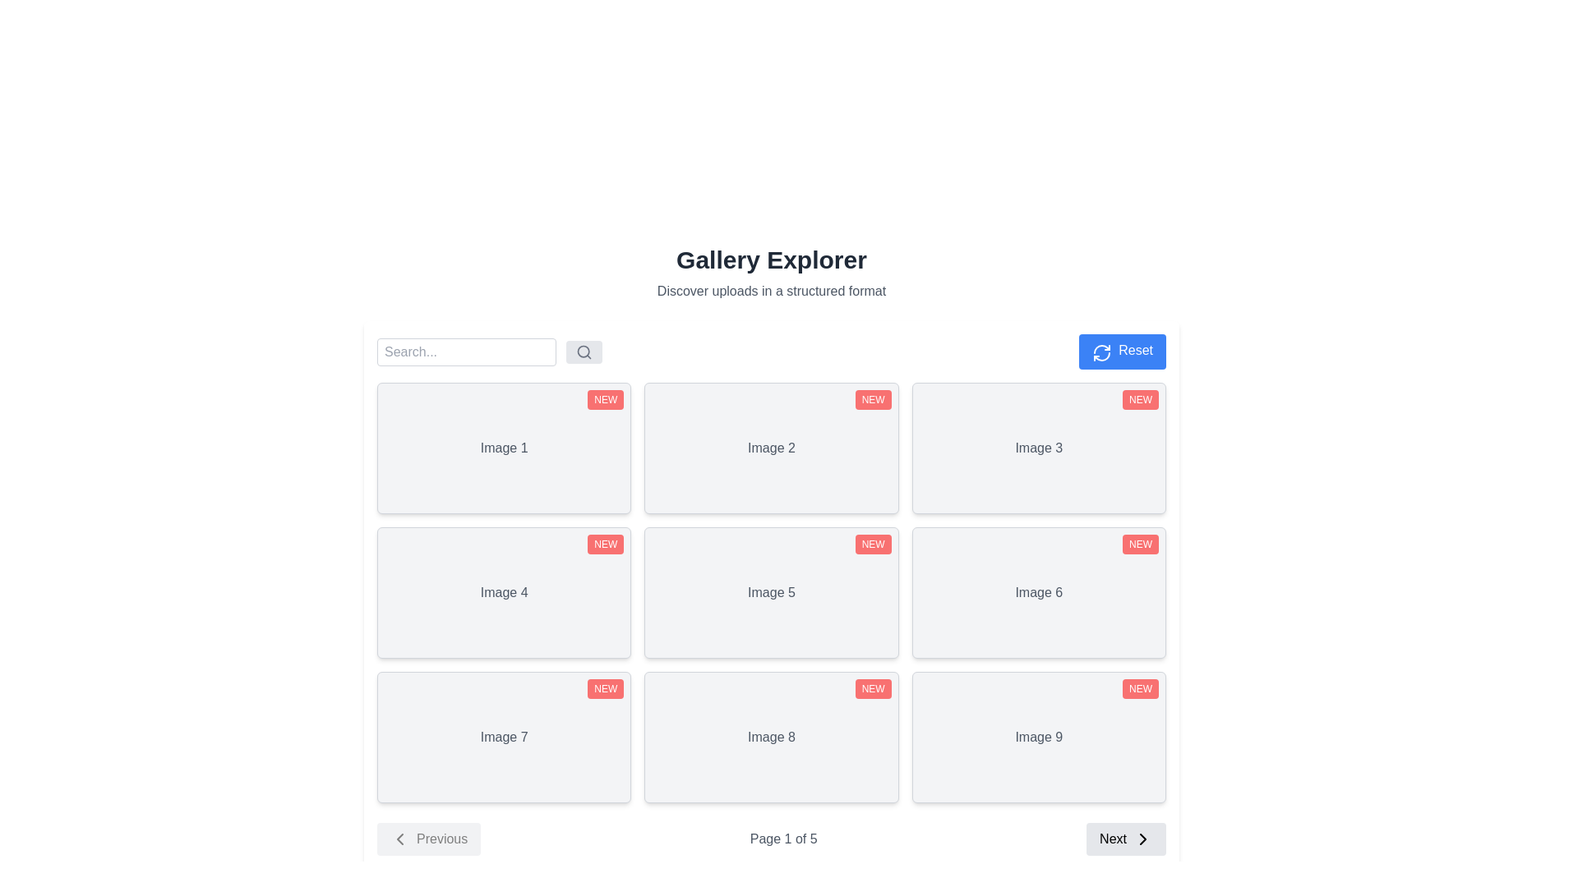 This screenshot has height=887, width=1578. I want to click on the left-pointing chevron icon adjacent to the 'Previous' button text, so click(399, 839).